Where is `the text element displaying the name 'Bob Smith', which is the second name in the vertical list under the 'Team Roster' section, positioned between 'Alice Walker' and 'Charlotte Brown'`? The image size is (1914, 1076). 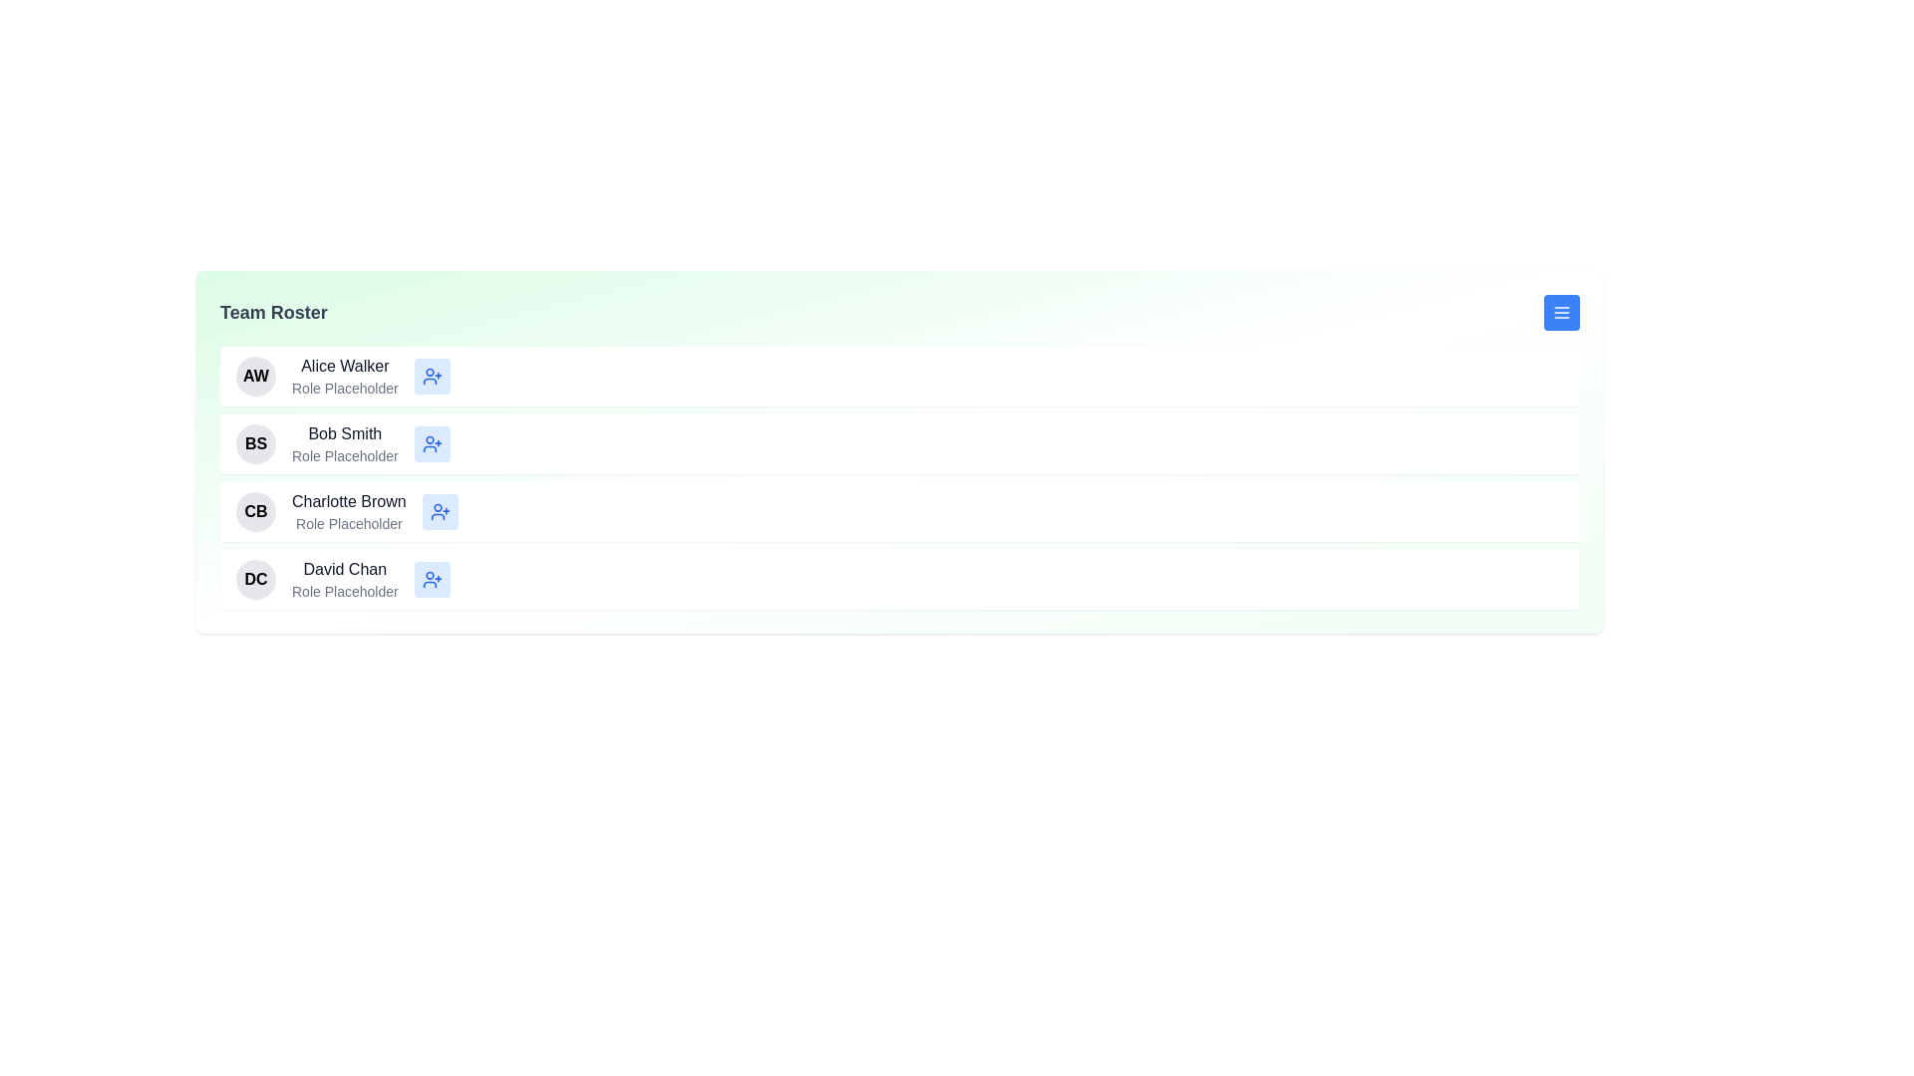 the text element displaying the name 'Bob Smith', which is the second name in the vertical list under the 'Team Roster' section, positioned between 'Alice Walker' and 'Charlotte Brown' is located at coordinates (345, 432).